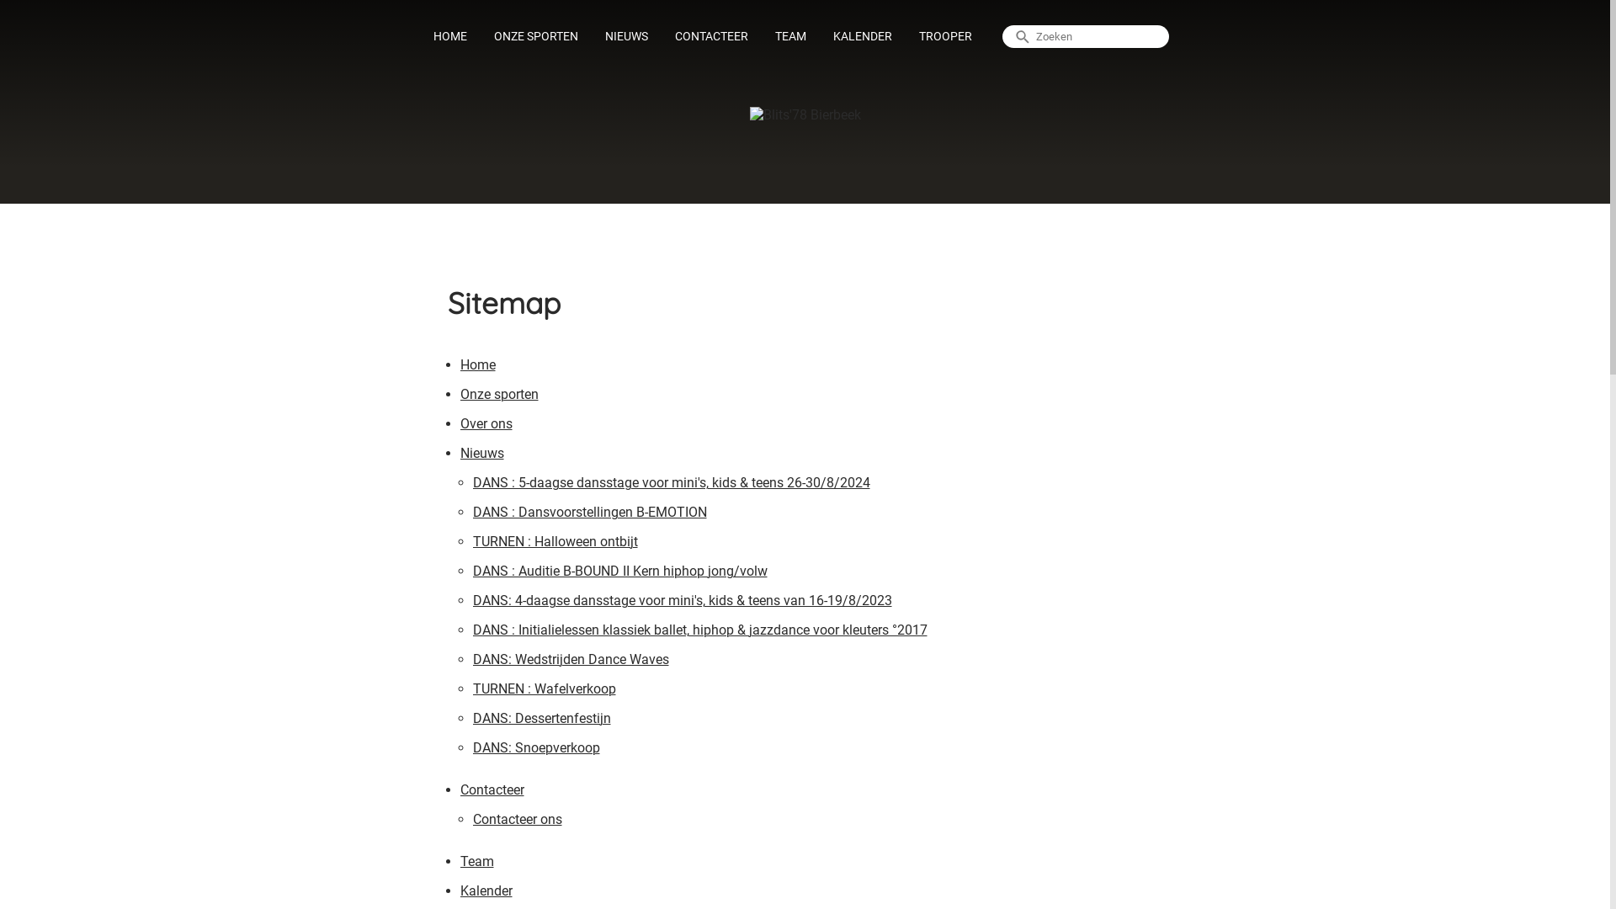  What do you see at coordinates (545, 691) in the screenshot?
I see `'TURNEN : Wafelverkoop'` at bounding box center [545, 691].